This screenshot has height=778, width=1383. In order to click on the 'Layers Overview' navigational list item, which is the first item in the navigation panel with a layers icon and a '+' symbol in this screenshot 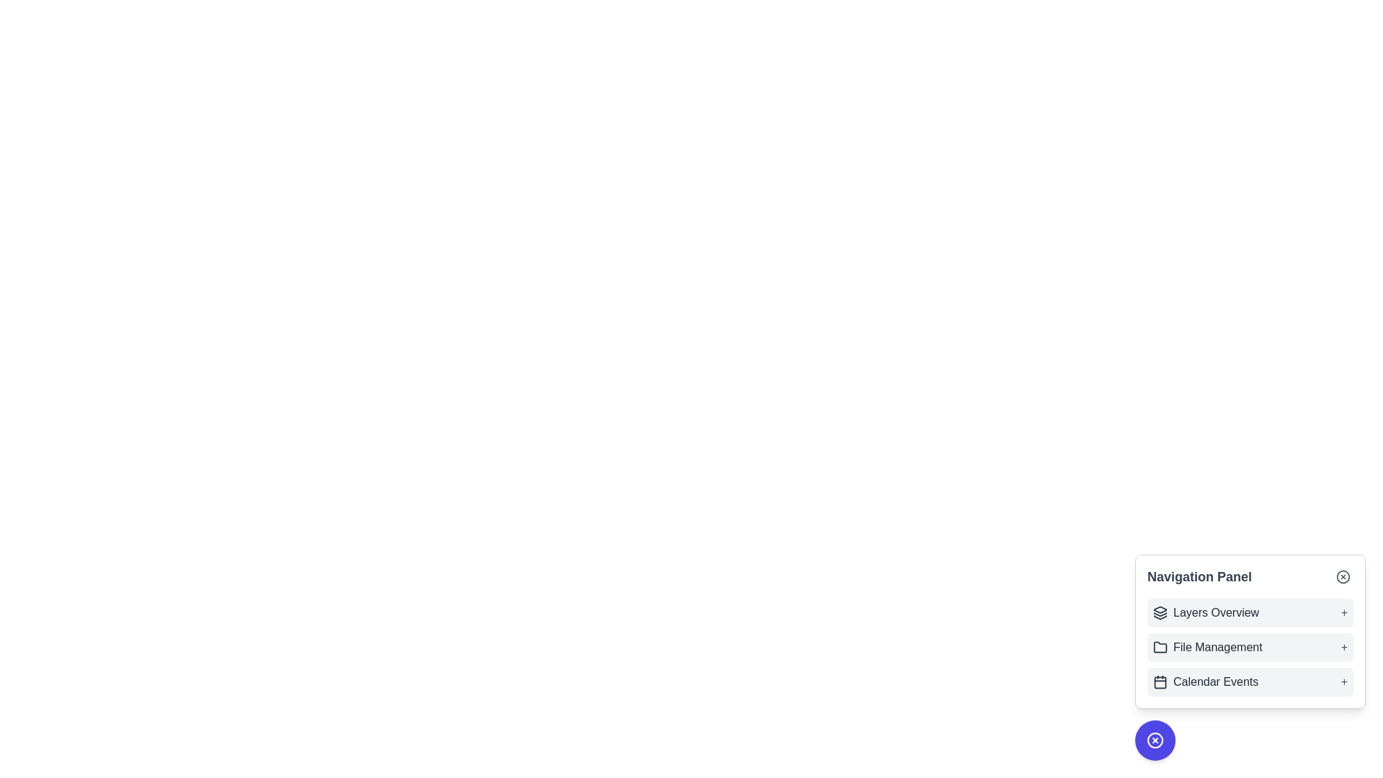, I will do `click(1250, 613)`.